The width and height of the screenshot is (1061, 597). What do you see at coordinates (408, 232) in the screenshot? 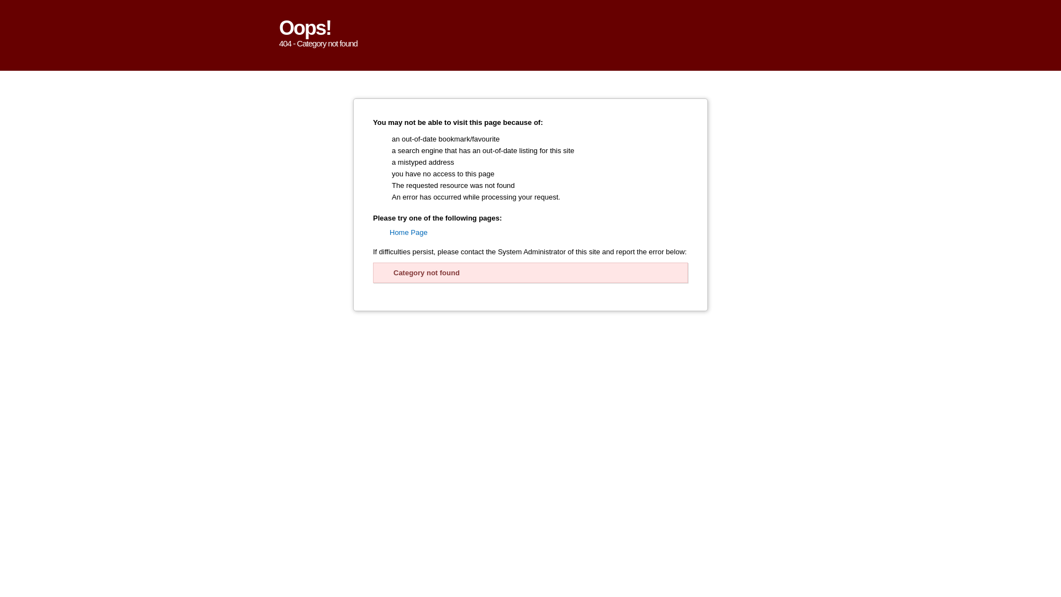
I see `'Home Page'` at bounding box center [408, 232].